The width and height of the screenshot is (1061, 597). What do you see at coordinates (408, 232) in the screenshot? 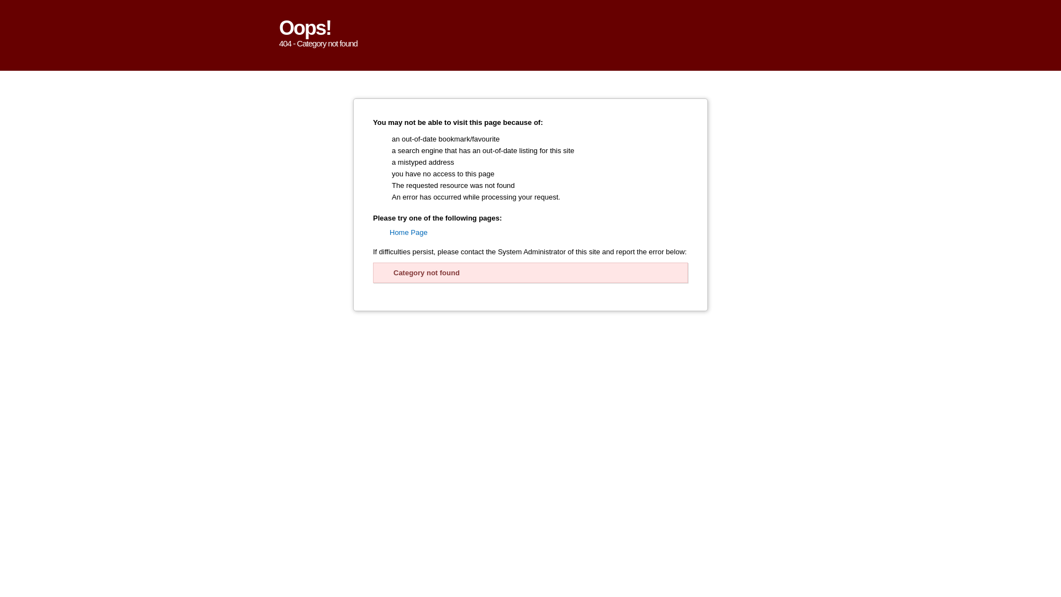
I see `'Home Page'` at bounding box center [408, 232].